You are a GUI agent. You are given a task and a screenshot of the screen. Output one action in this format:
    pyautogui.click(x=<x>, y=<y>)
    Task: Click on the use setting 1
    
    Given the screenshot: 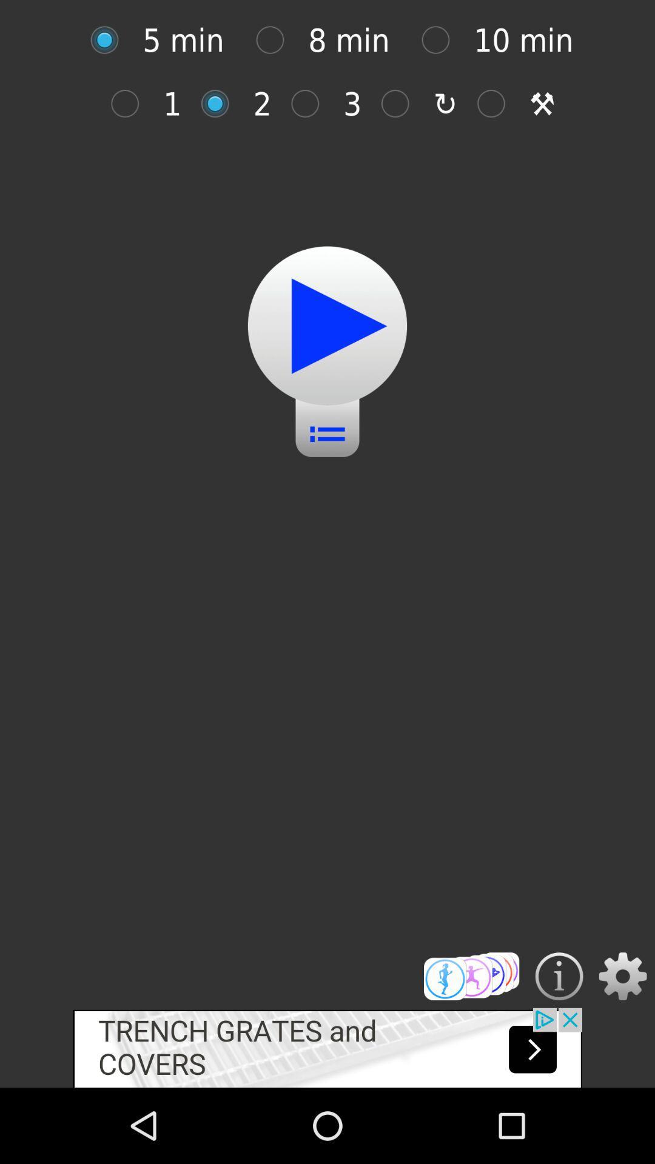 What is the action you would take?
    pyautogui.click(x=131, y=104)
    